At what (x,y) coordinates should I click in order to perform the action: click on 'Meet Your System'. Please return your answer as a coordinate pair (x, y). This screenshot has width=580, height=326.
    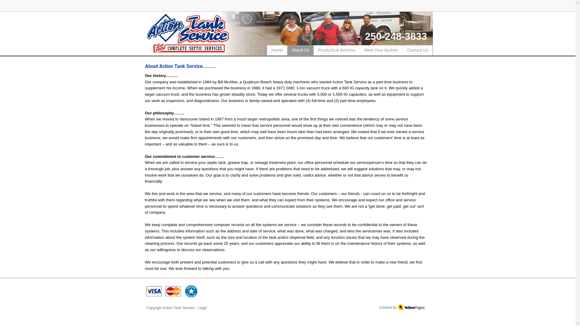
    Looking at the image, I should click on (381, 50).